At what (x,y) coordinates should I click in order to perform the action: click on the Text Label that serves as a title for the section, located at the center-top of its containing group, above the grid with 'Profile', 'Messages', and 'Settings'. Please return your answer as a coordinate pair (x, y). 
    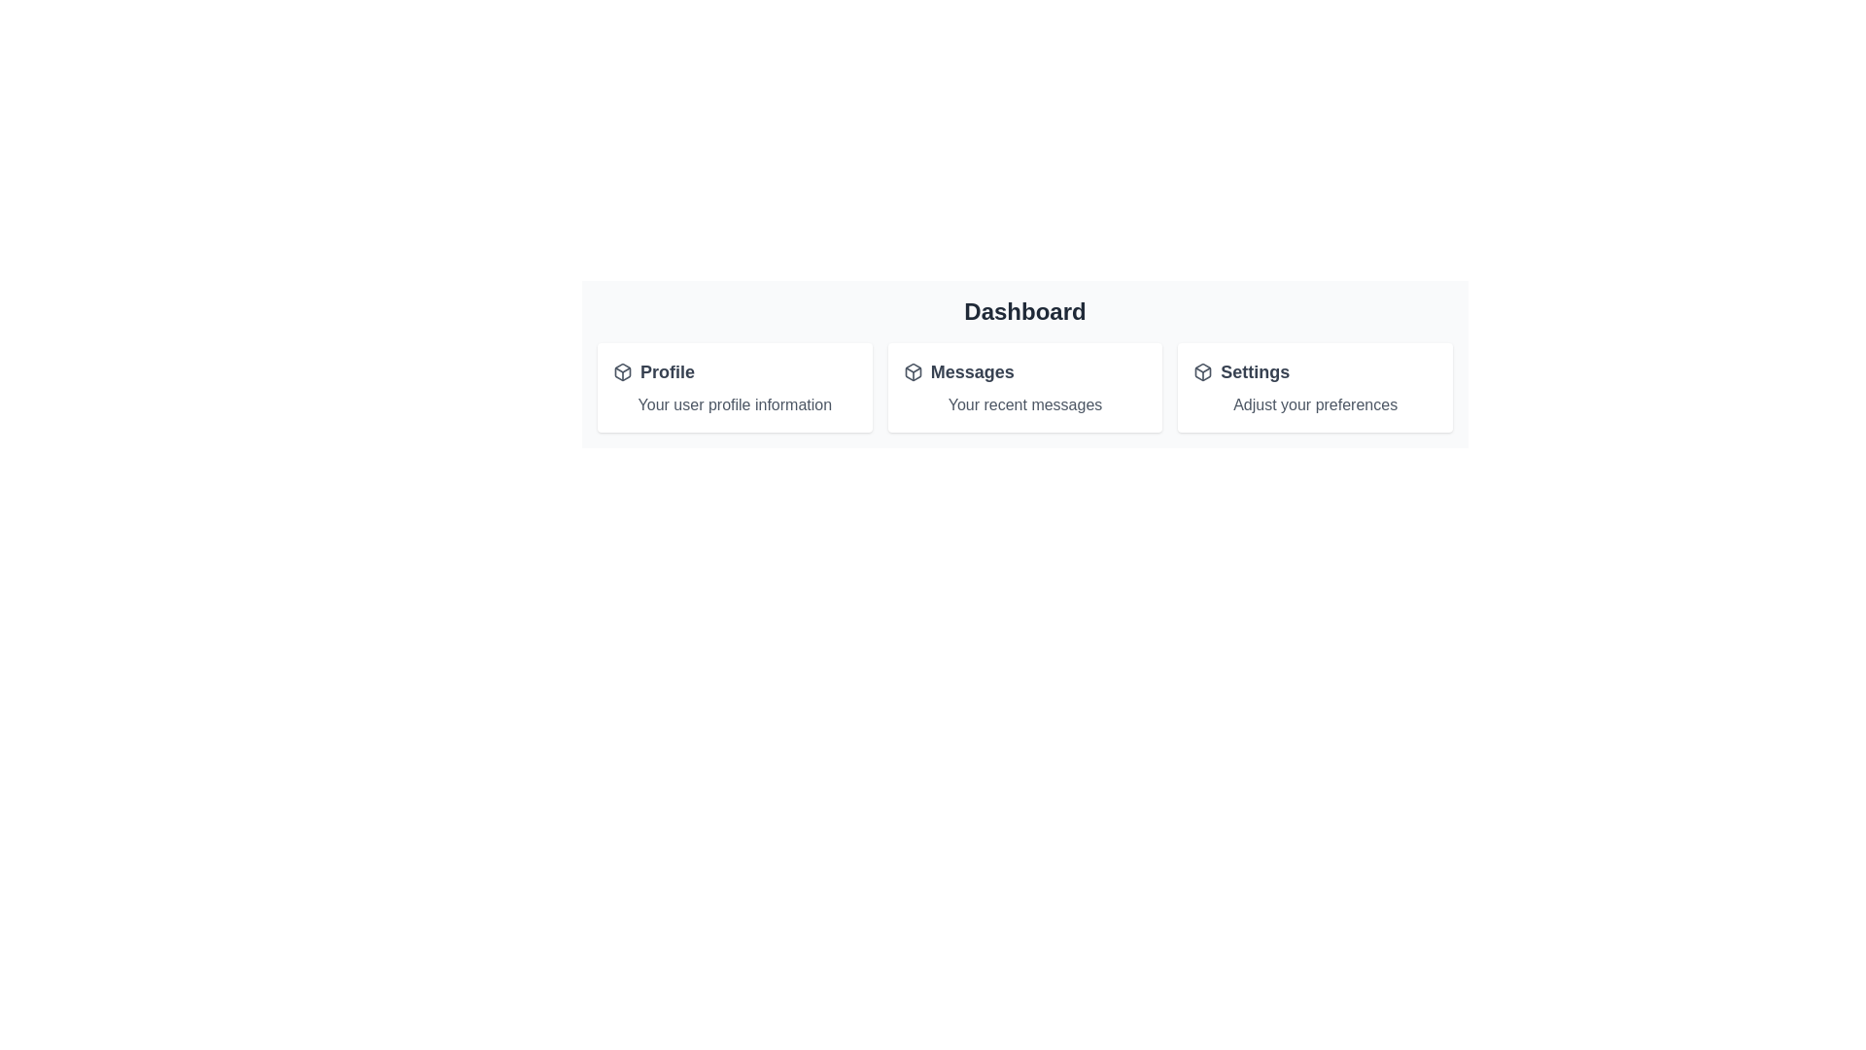
    Looking at the image, I should click on (1024, 310).